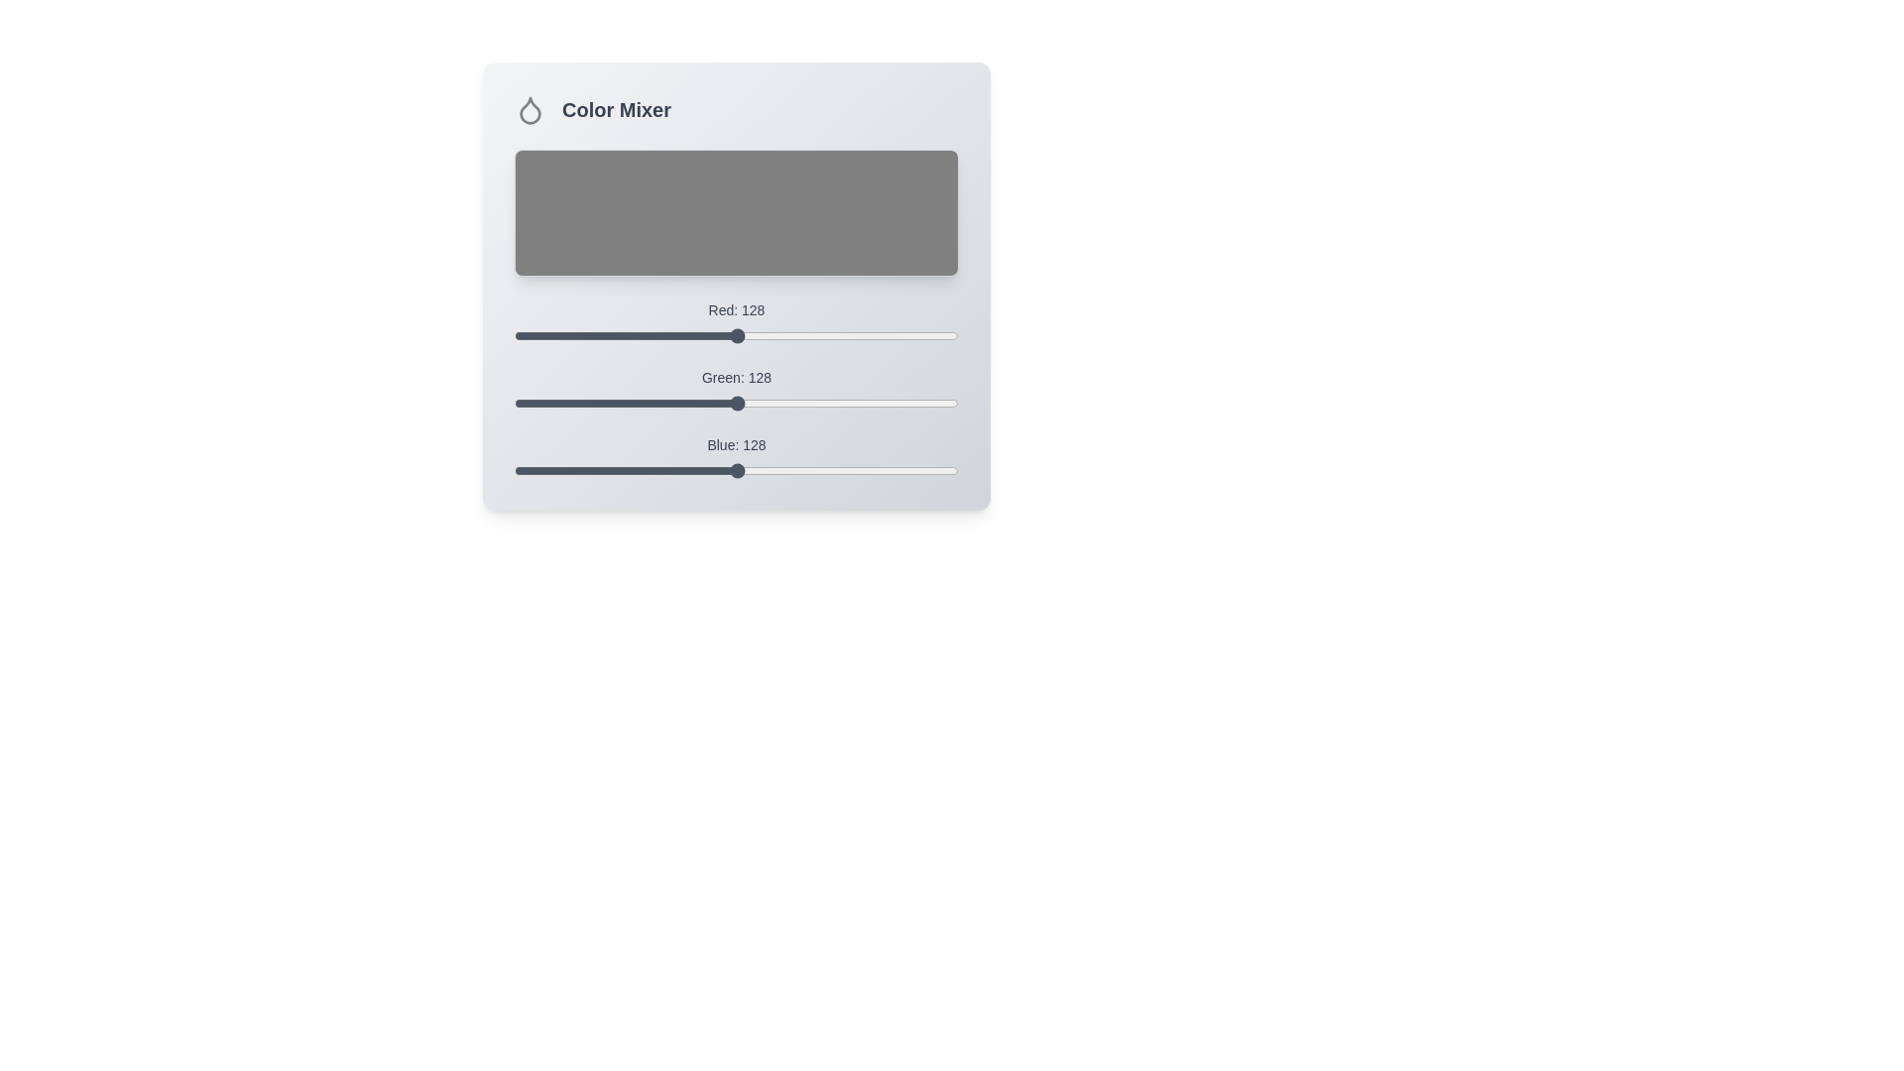 The height and width of the screenshot is (1071, 1904). Describe the element at coordinates (815, 403) in the screenshot. I see `the green slider to 173` at that location.